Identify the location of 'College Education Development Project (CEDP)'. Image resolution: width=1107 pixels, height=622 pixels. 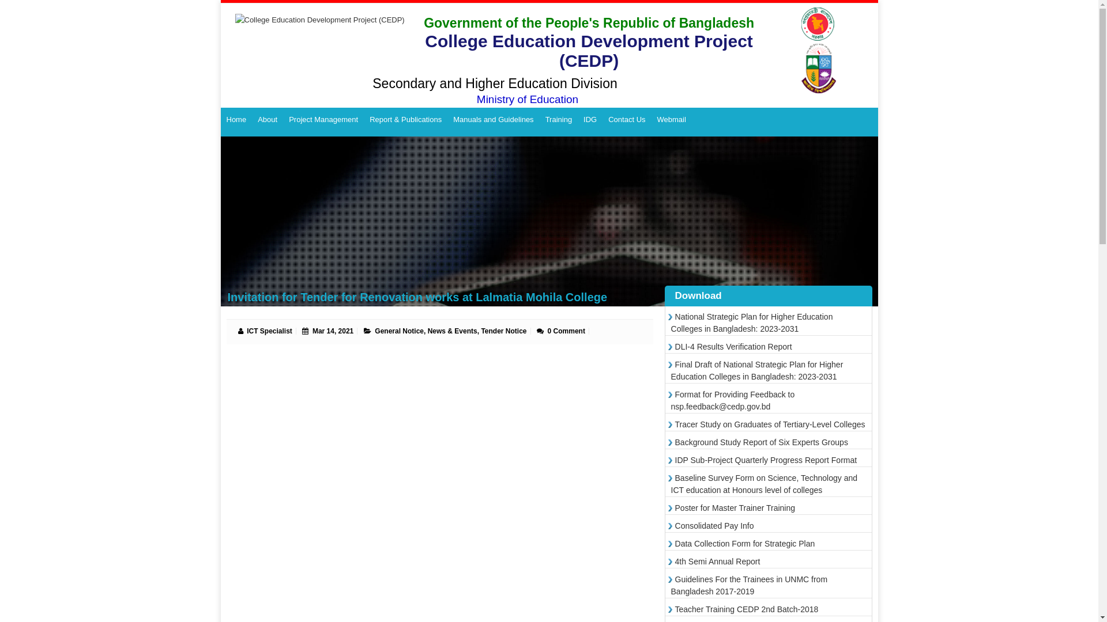
(315, 43).